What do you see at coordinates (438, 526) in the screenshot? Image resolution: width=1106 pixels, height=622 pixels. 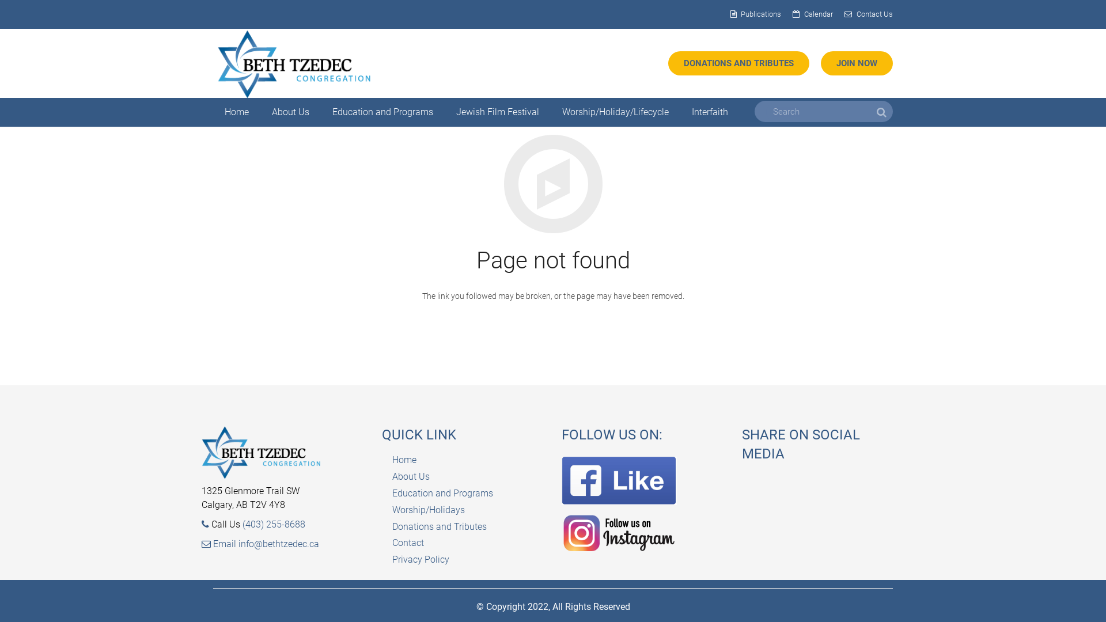 I see `'Donations and Tributes'` at bounding box center [438, 526].